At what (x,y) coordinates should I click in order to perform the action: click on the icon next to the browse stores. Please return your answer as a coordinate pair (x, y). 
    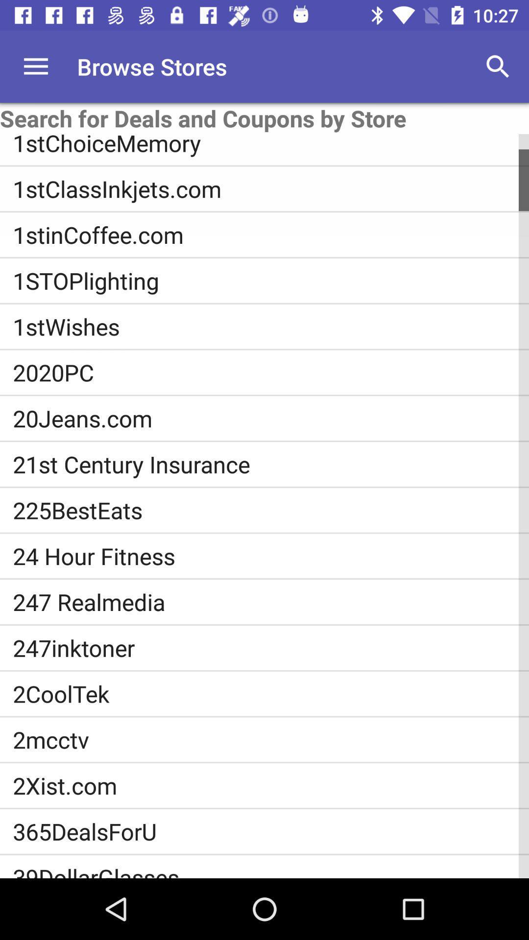
    Looking at the image, I should click on (35, 66).